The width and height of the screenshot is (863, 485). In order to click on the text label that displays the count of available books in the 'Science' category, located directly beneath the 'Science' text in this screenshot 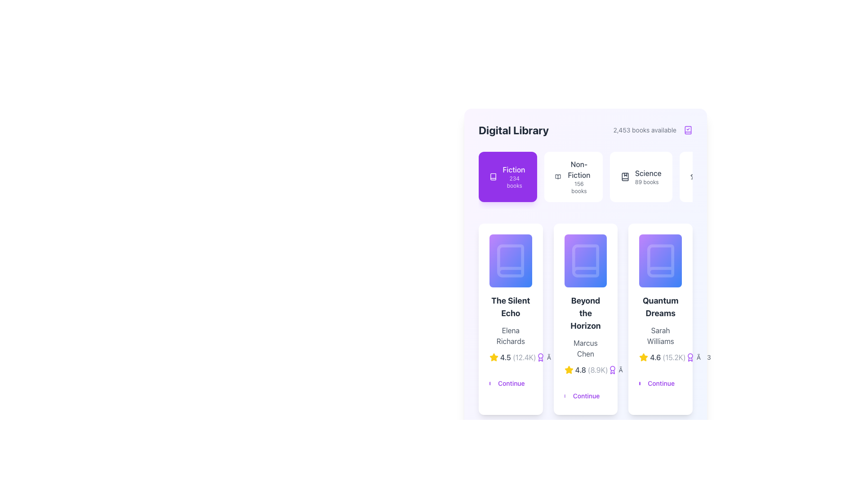, I will do `click(646, 182)`.